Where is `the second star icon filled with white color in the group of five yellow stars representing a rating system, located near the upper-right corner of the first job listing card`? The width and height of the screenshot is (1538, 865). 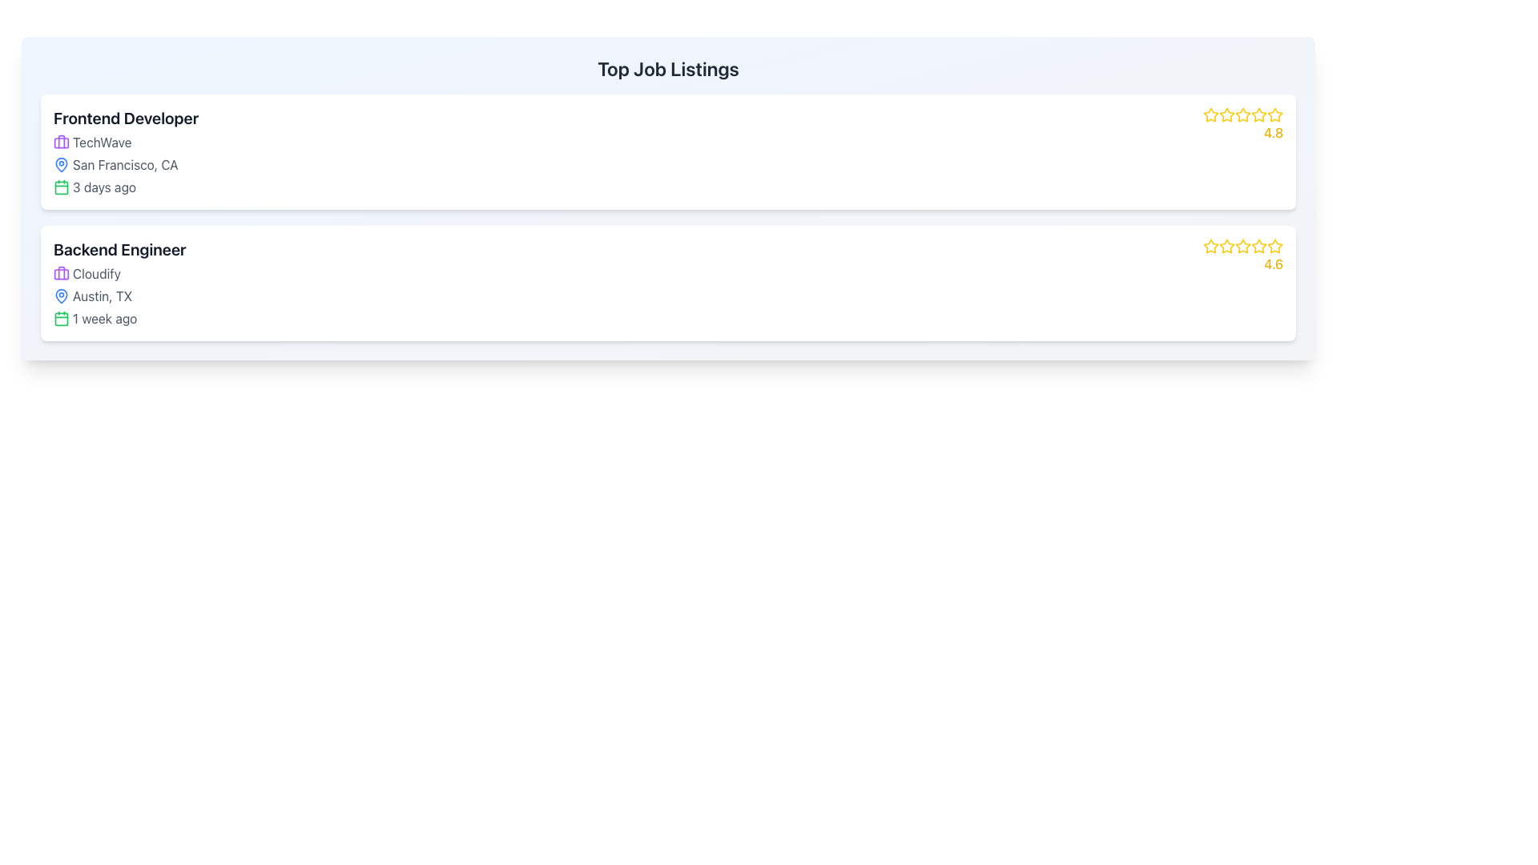 the second star icon filled with white color in the group of five yellow stars representing a rating system, located near the upper-right corner of the first job listing card is located at coordinates (1242, 114).